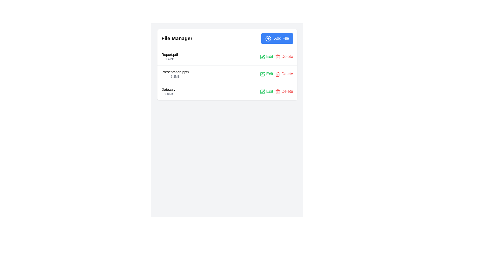 The image size is (486, 273). I want to click on on the text label representing a file entry located in the second row of the file list in the file manager interface, which displays the file name and size, so click(175, 74).